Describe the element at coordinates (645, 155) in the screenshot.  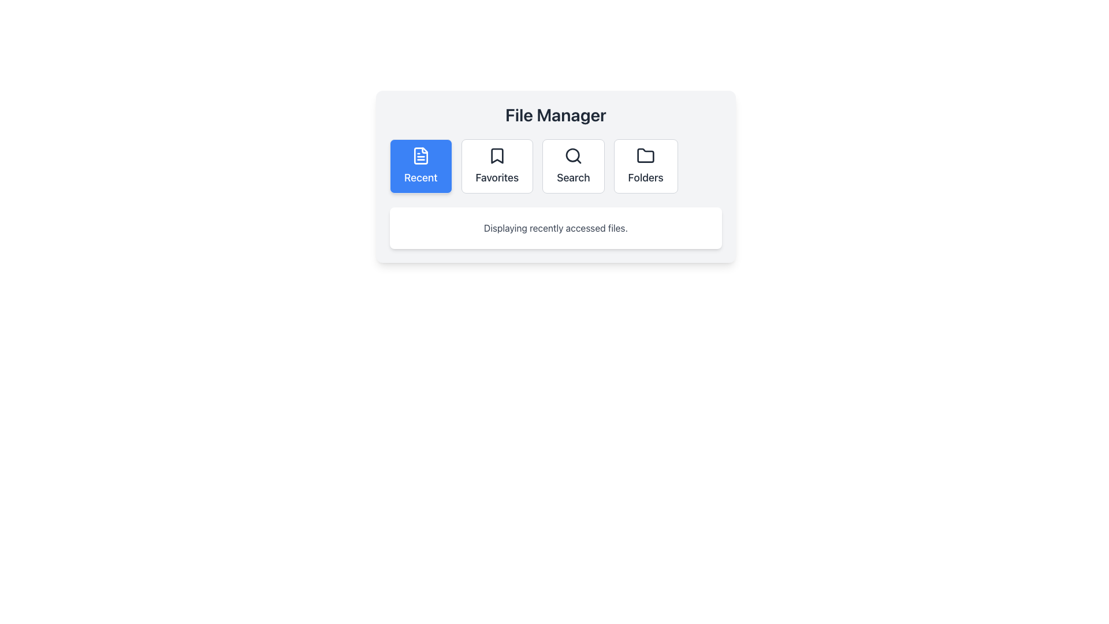
I see `the 'Folders' icon in the fourth section of the horizontal navigation bar` at that location.